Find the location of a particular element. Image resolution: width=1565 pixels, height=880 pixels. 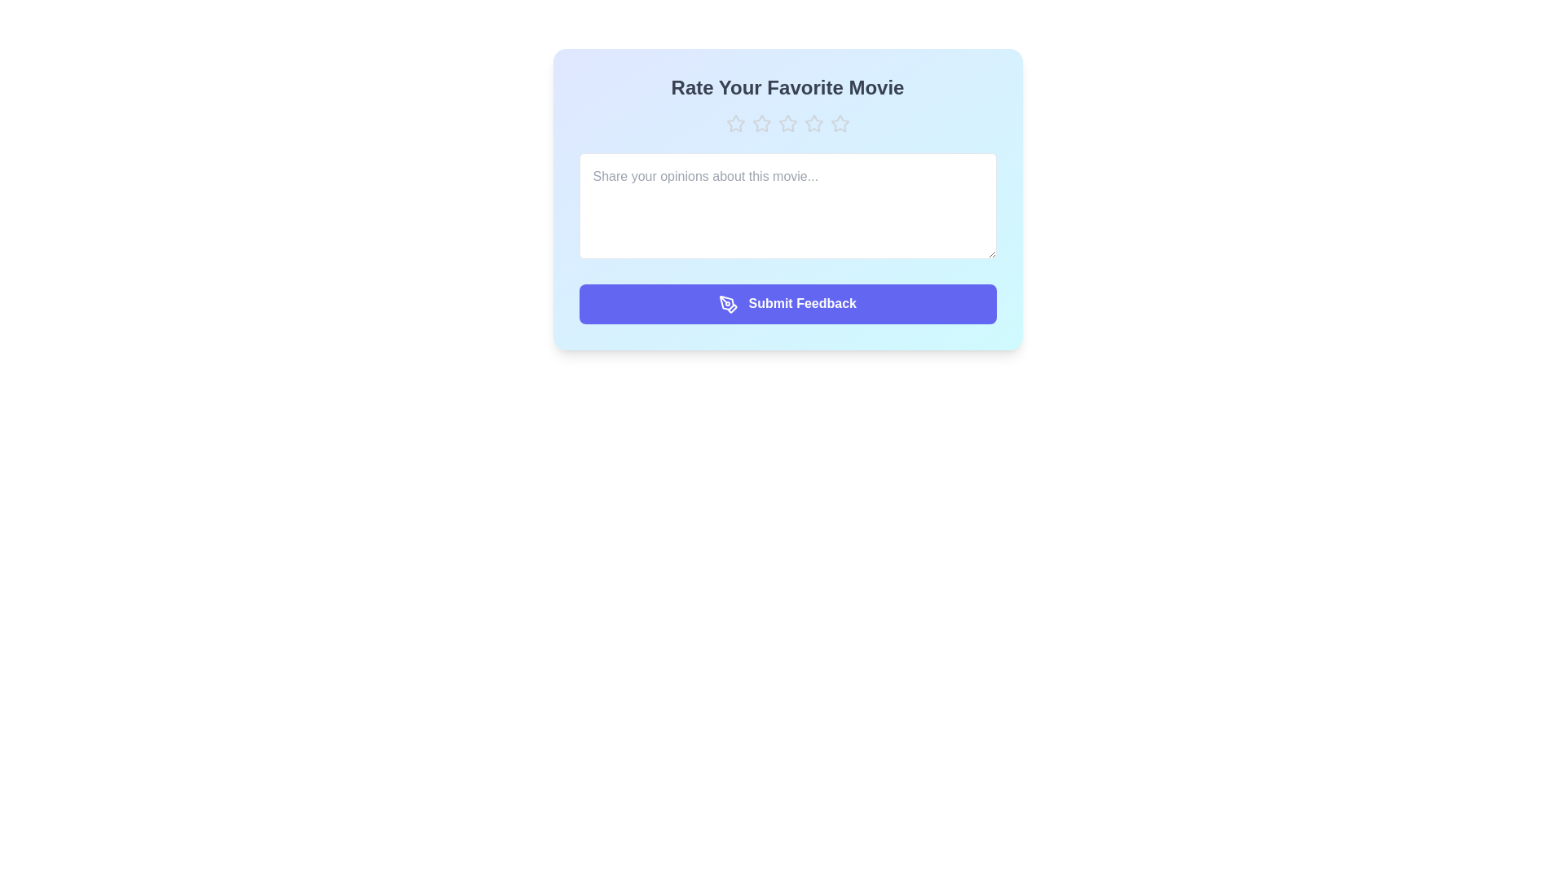

the 'Submit Feedback' button to submit the feedback is located at coordinates (787, 304).